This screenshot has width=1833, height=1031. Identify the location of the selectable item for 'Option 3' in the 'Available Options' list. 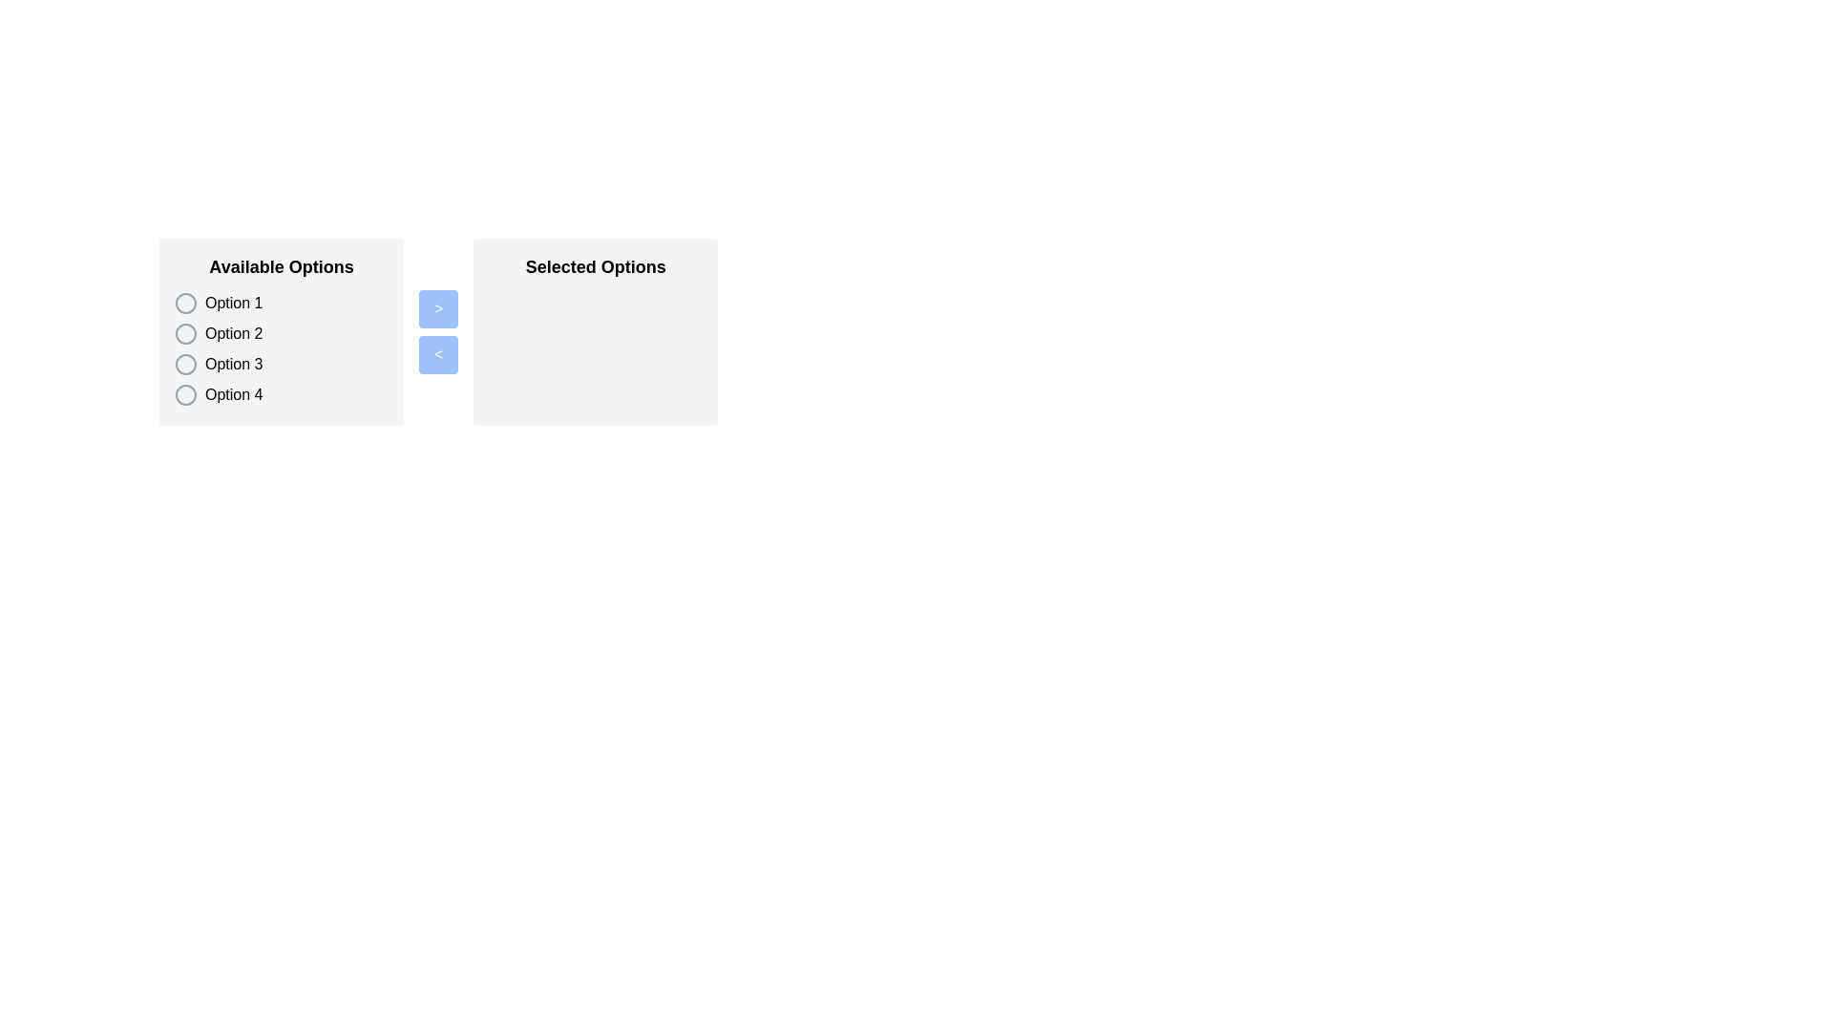
(280, 364).